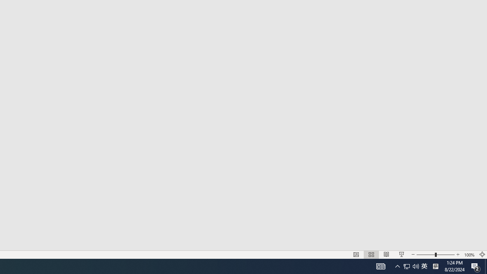  Describe the element at coordinates (356, 255) in the screenshot. I see `'Slide Sorter'` at that location.